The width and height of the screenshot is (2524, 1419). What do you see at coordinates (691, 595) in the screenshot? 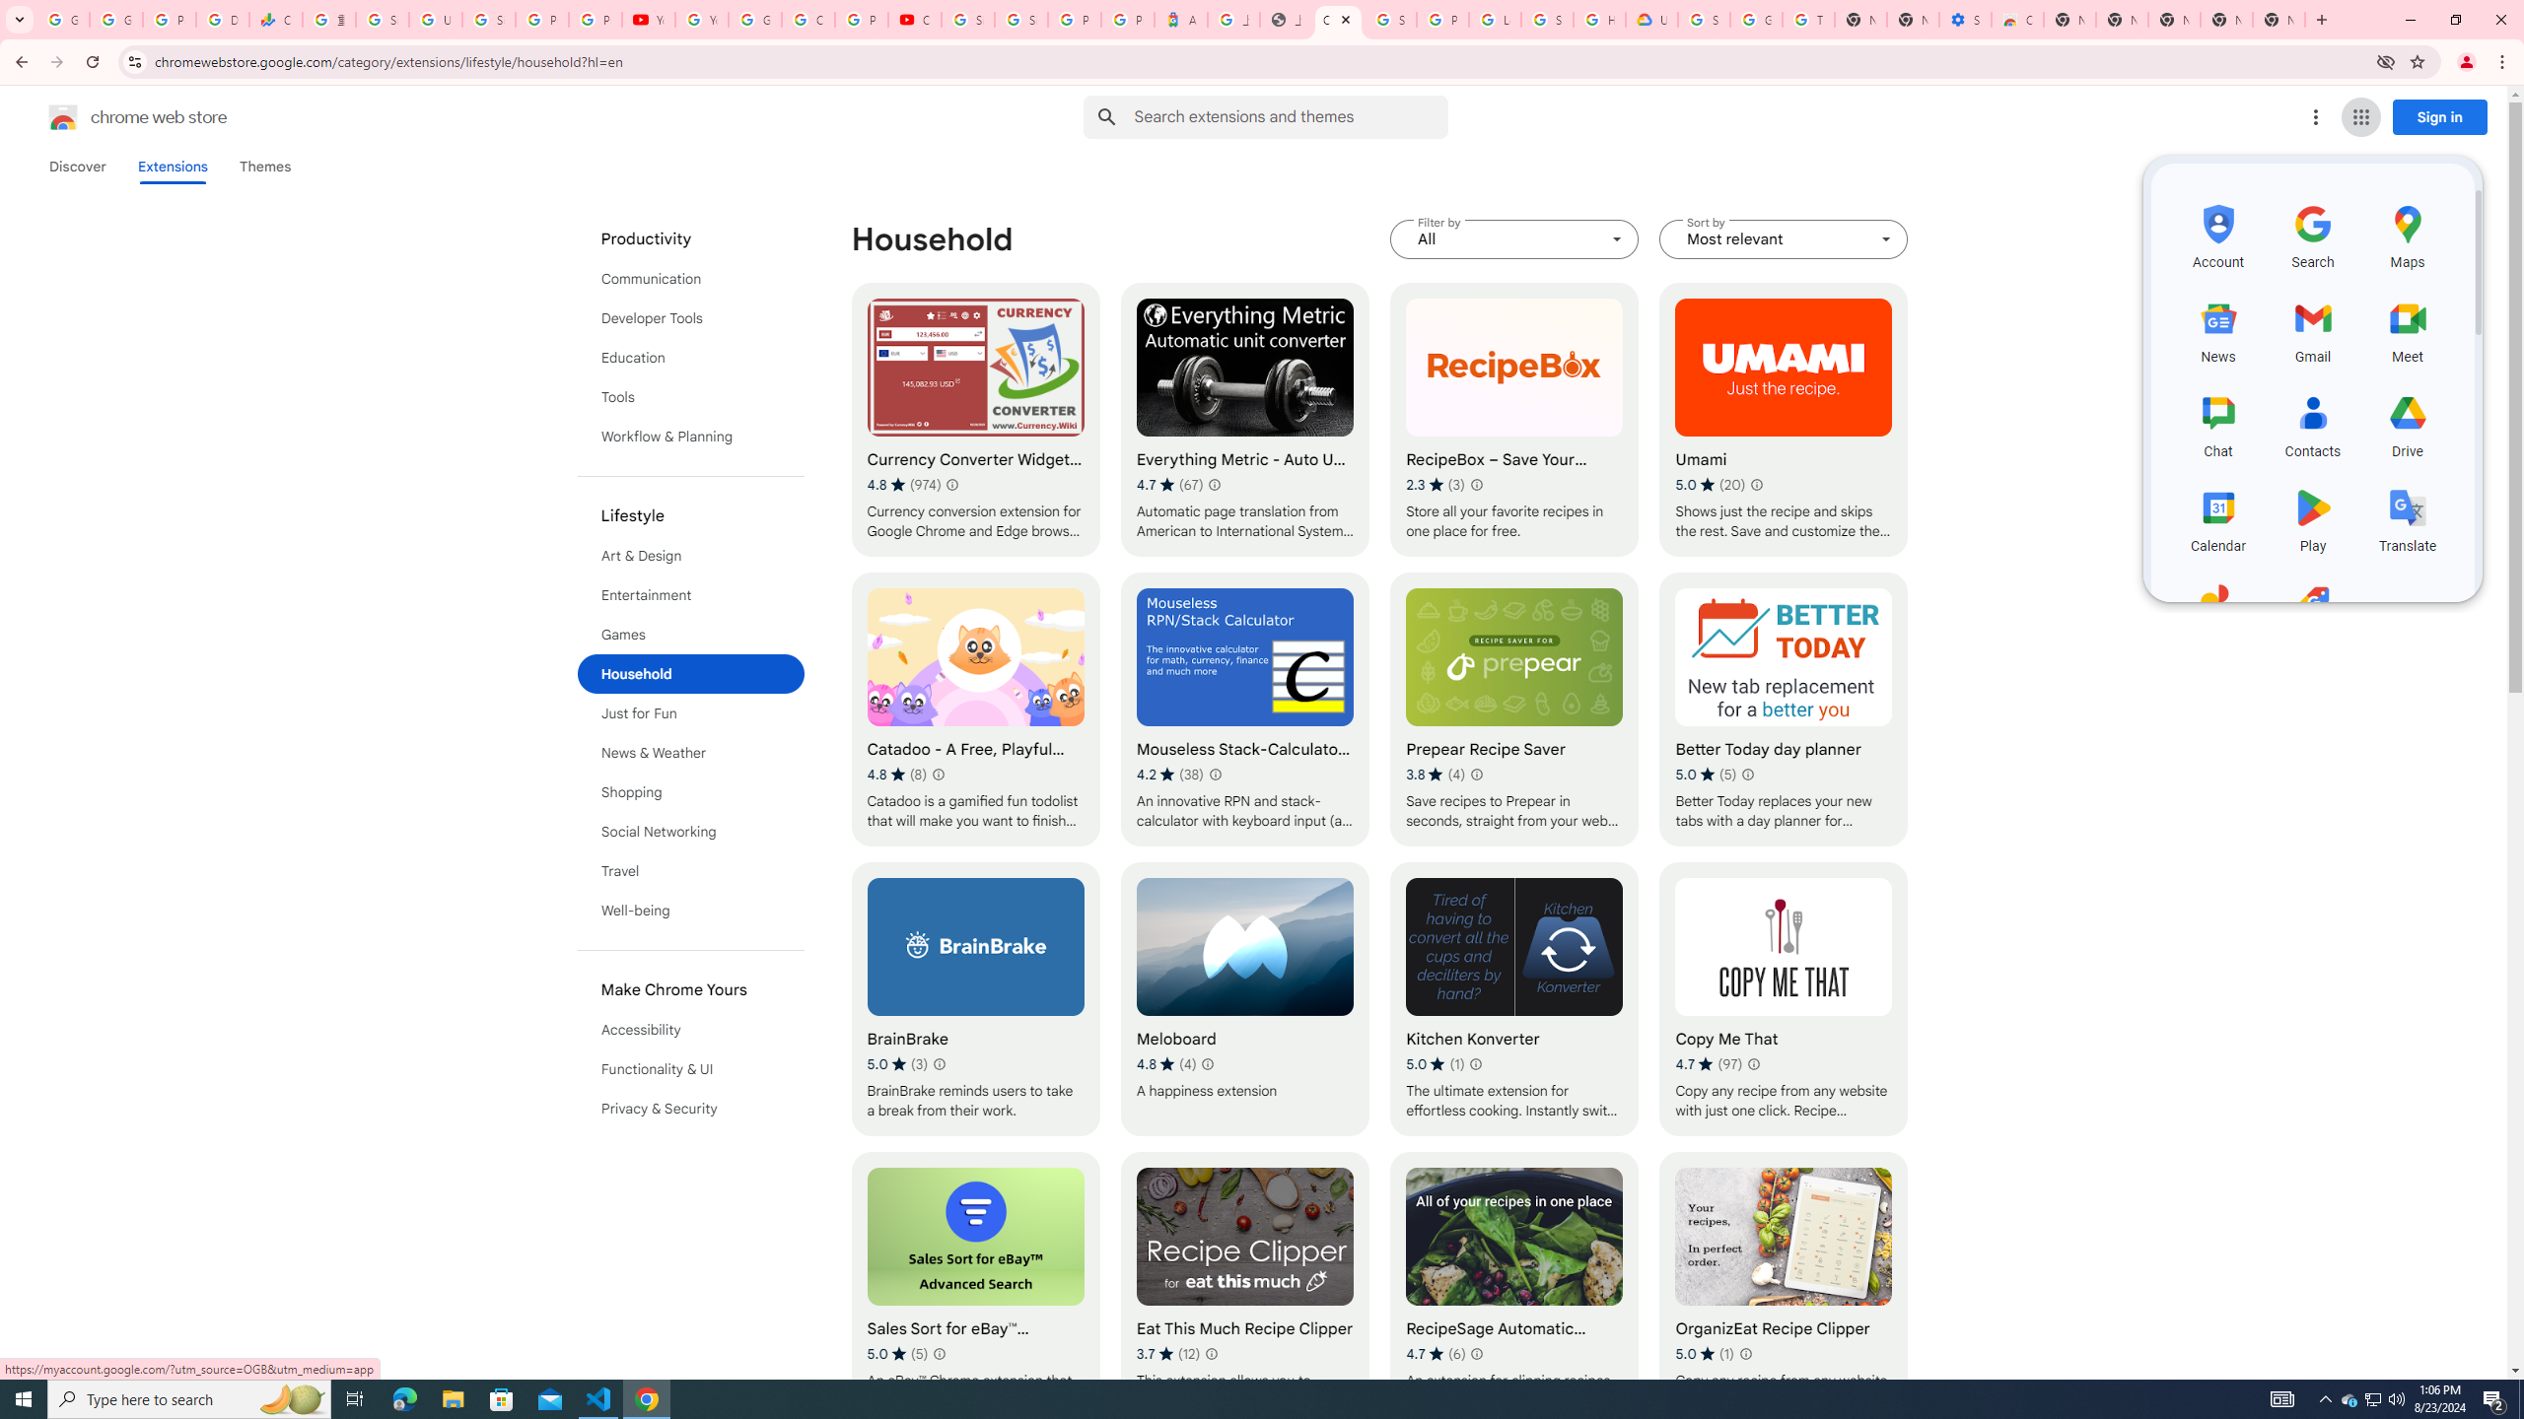
I see `'Entertainment'` at bounding box center [691, 595].